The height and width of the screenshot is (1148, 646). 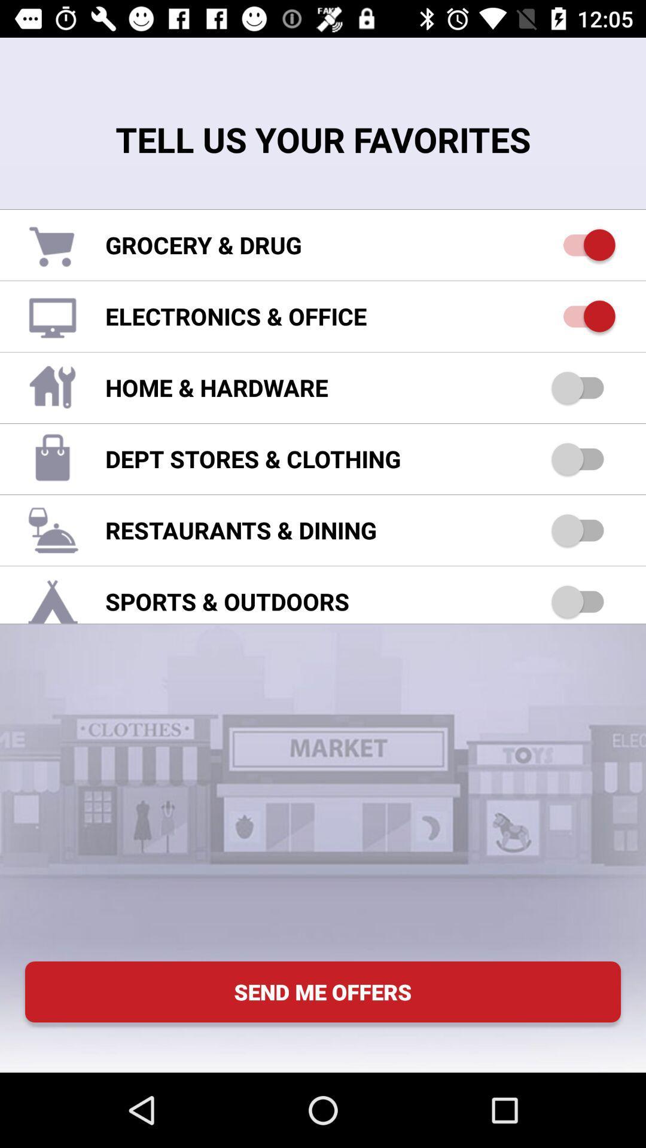 What do you see at coordinates (583, 316) in the screenshot?
I see `electronics office` at bounding box center [583, 316].